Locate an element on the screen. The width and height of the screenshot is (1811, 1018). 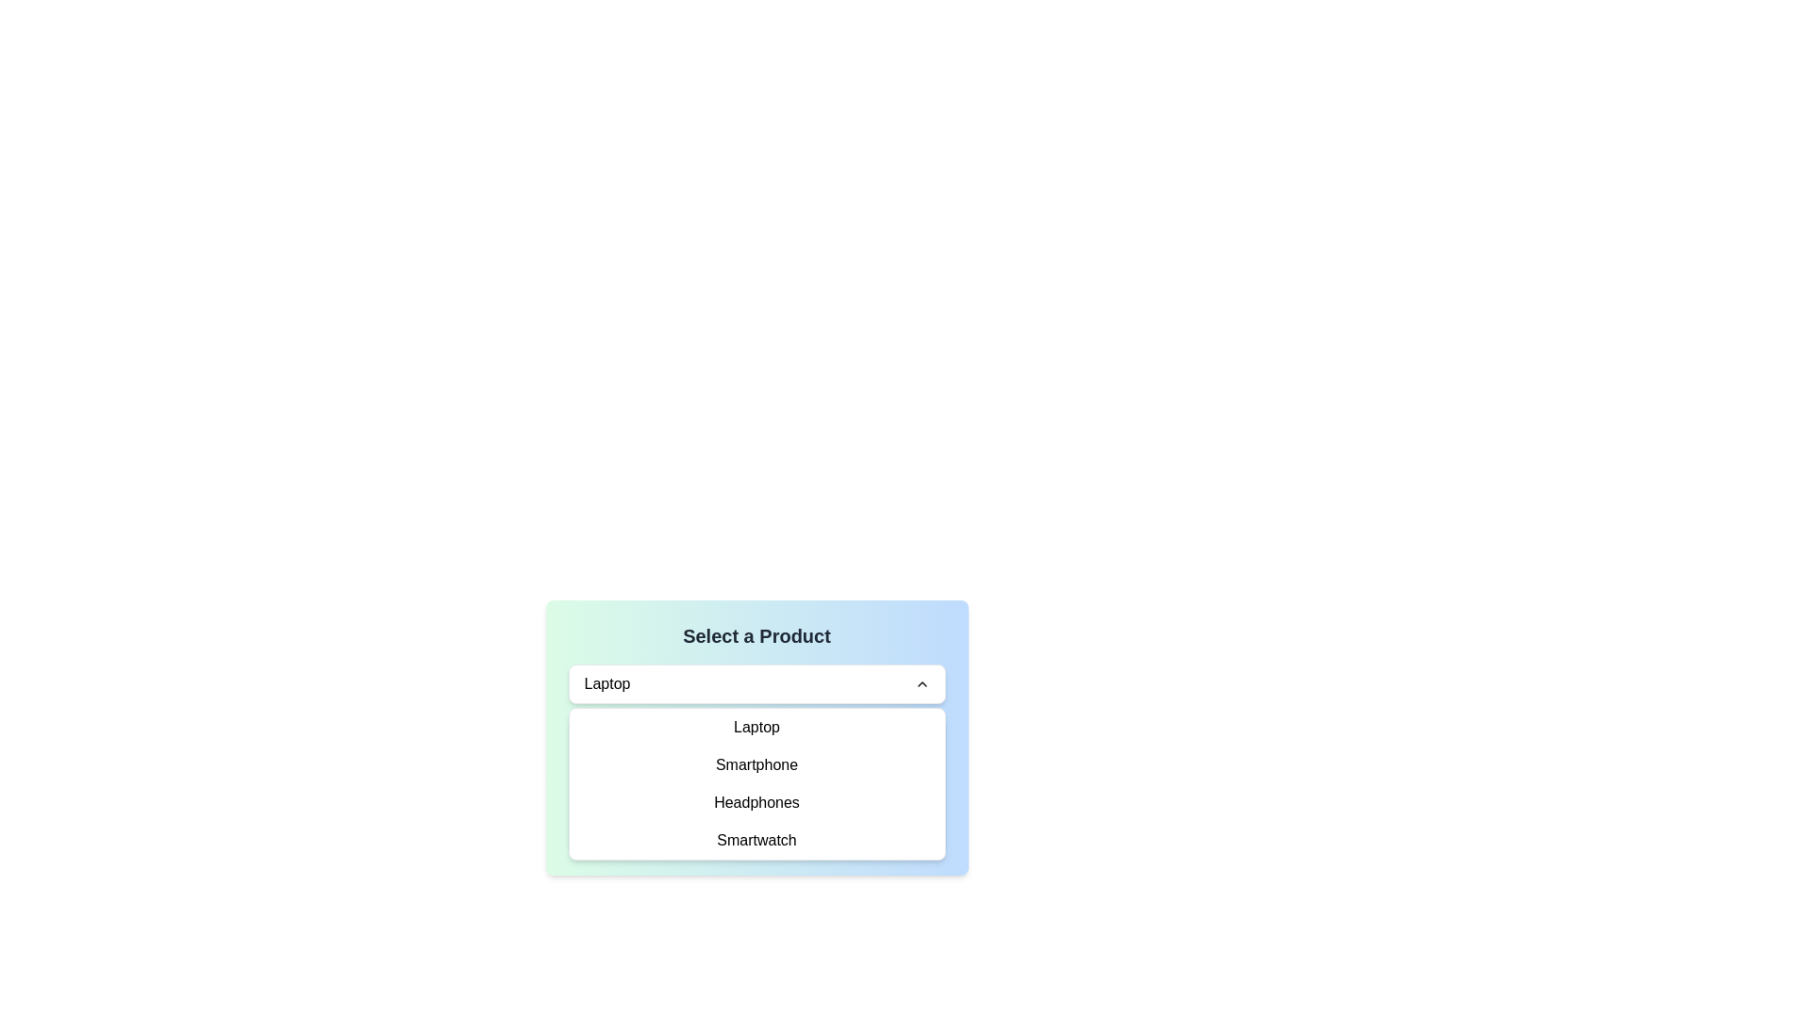
the 'Smartwatch' dropdown menu item, which is the last item in the list is located at coordinates (756, 839).